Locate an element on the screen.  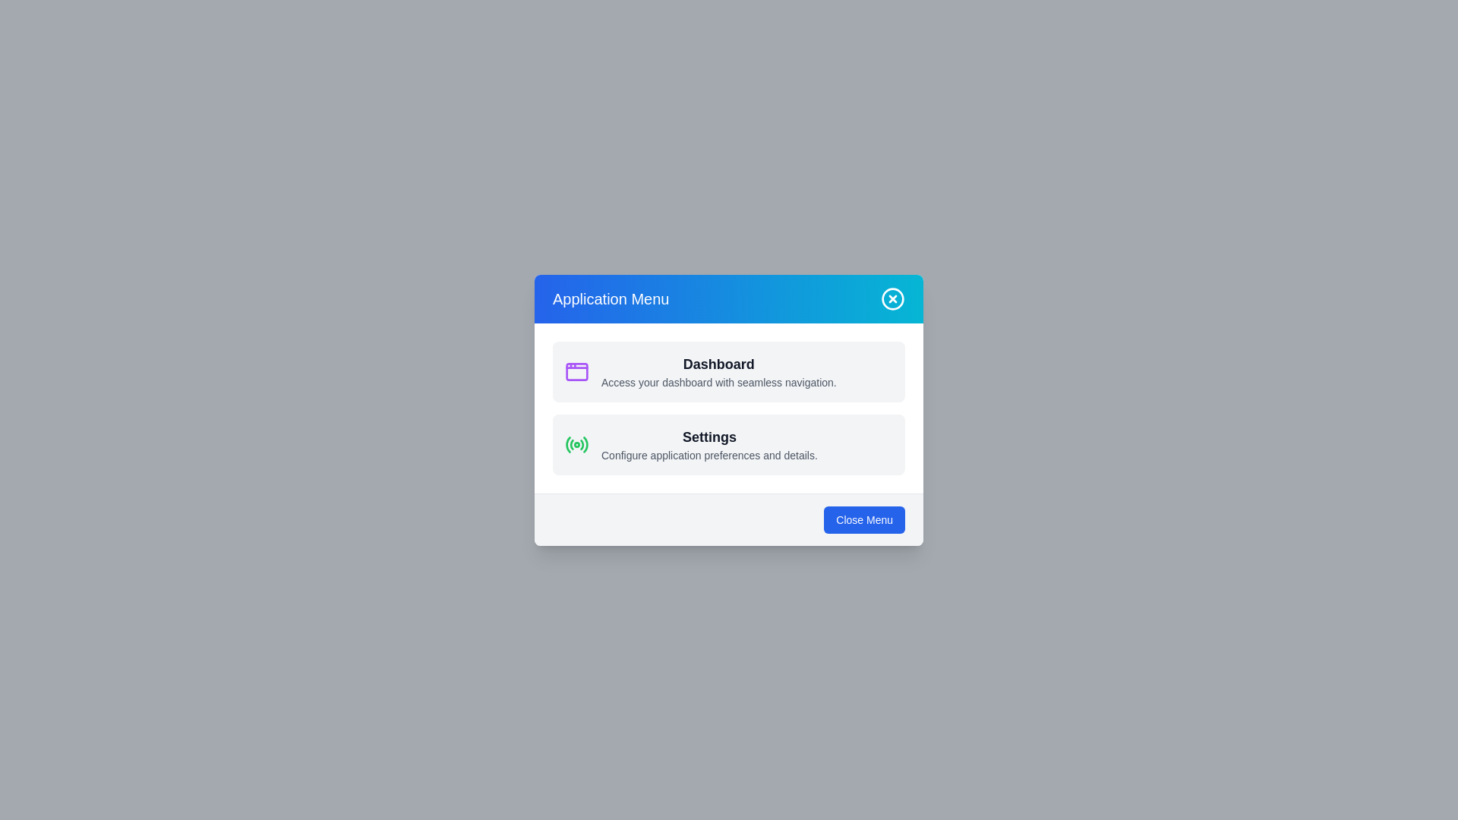
the 'Close Menu' button to close the menu is located at coordinates (864, 519).